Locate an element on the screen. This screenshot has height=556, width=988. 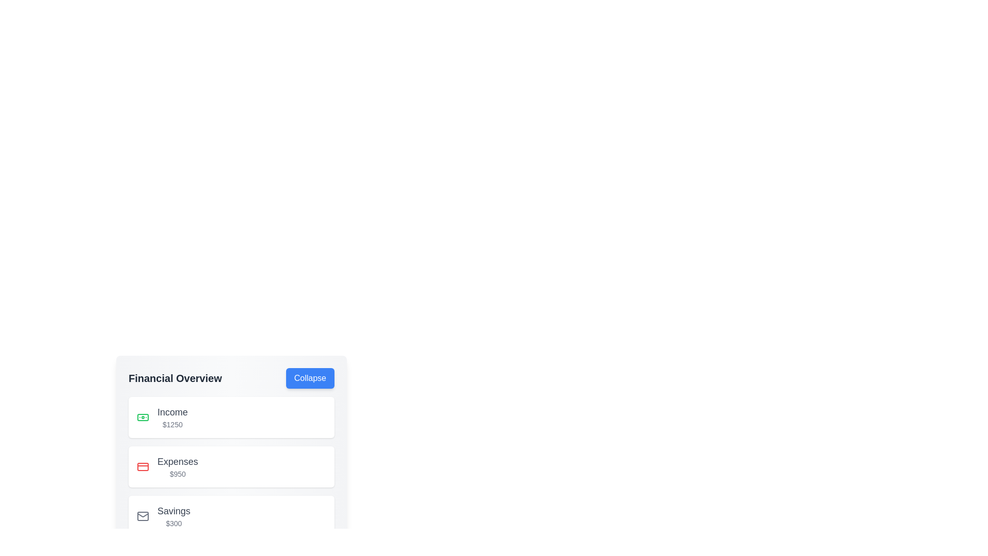
layout of the card element displaying financial information, which is located below the 'Income' section and above the 'Savings' section in the 'Financial Overview' is located at coordinates (231, 452).